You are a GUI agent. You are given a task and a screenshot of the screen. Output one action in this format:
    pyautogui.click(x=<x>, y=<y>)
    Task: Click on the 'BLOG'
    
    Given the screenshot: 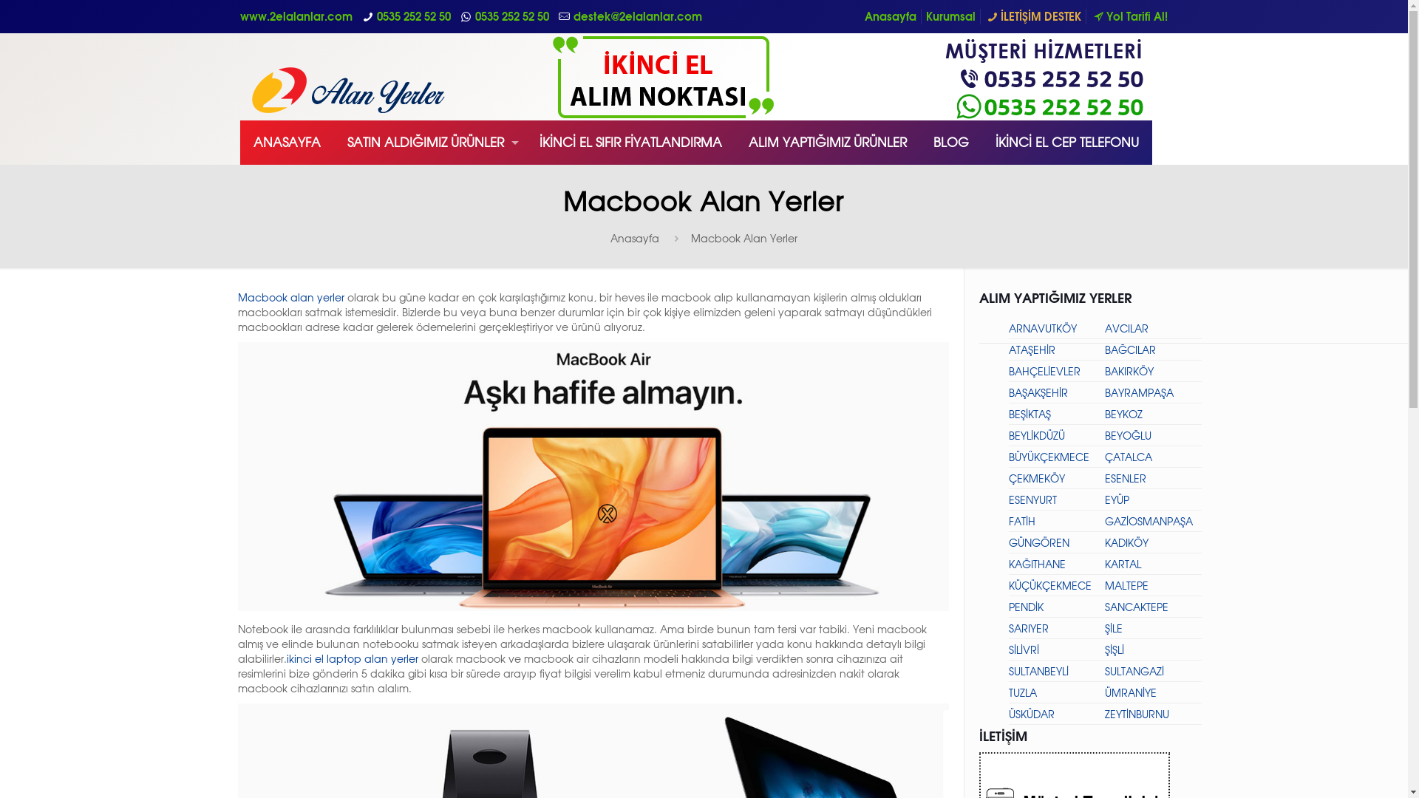 What is the action you would take?
    pyautogui.click(x=950, y=142)
    